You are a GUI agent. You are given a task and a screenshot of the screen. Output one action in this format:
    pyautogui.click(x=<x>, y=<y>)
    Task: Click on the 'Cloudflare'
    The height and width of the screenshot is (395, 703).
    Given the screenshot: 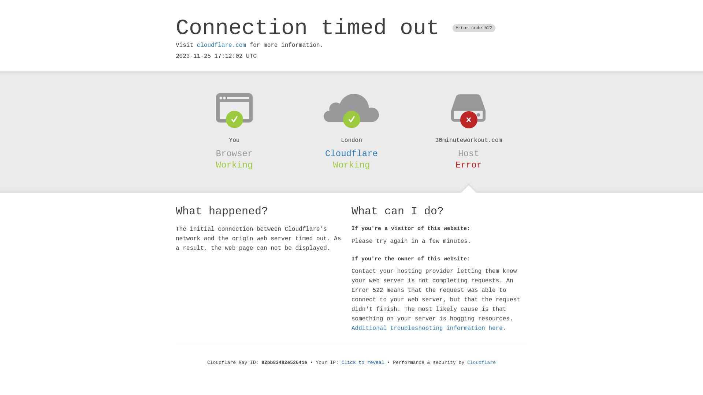 What is the action you would take?
    pyautogui.click(x=481, y=362)
    